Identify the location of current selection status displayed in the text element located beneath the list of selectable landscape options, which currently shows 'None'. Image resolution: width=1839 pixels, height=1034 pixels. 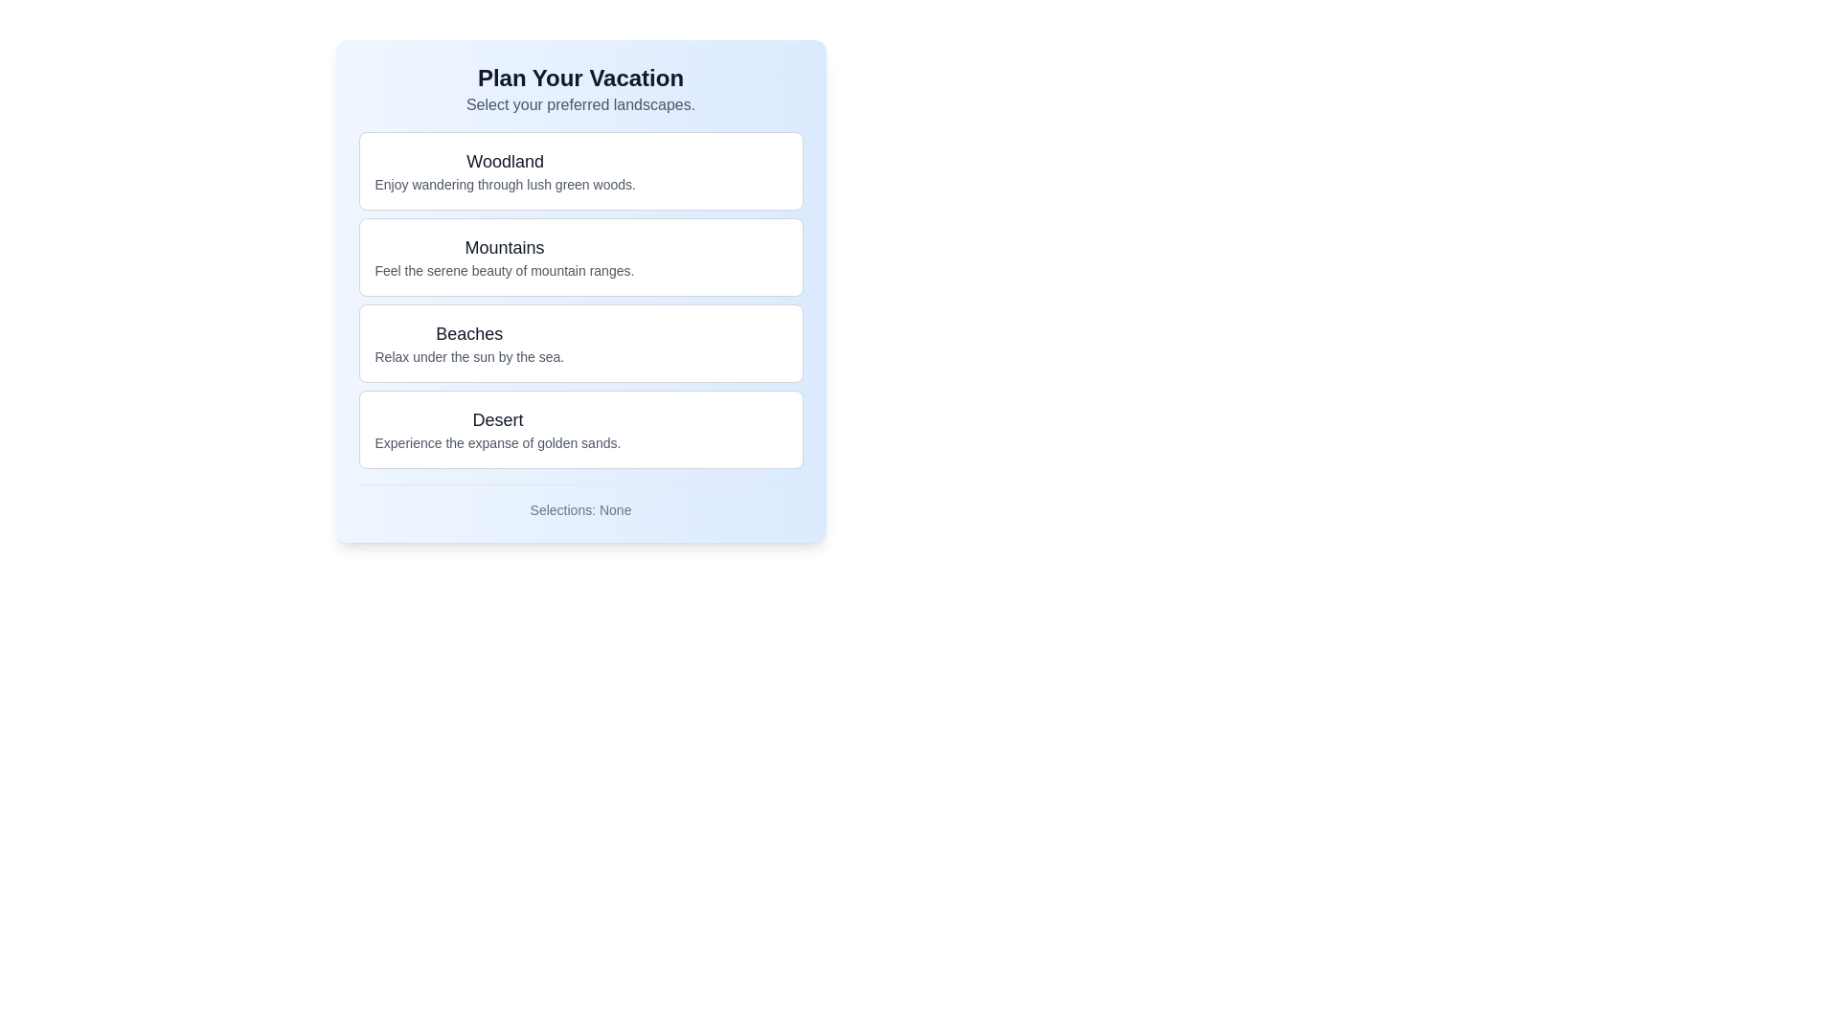
(579, 508).